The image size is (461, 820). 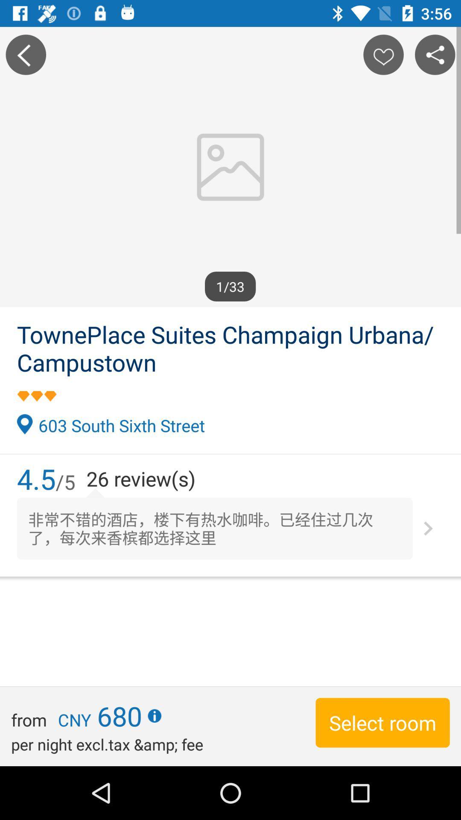 What do you see at coordinates (435, 54) in the screenshot?
I see `share` at bounding box center [435, 54].